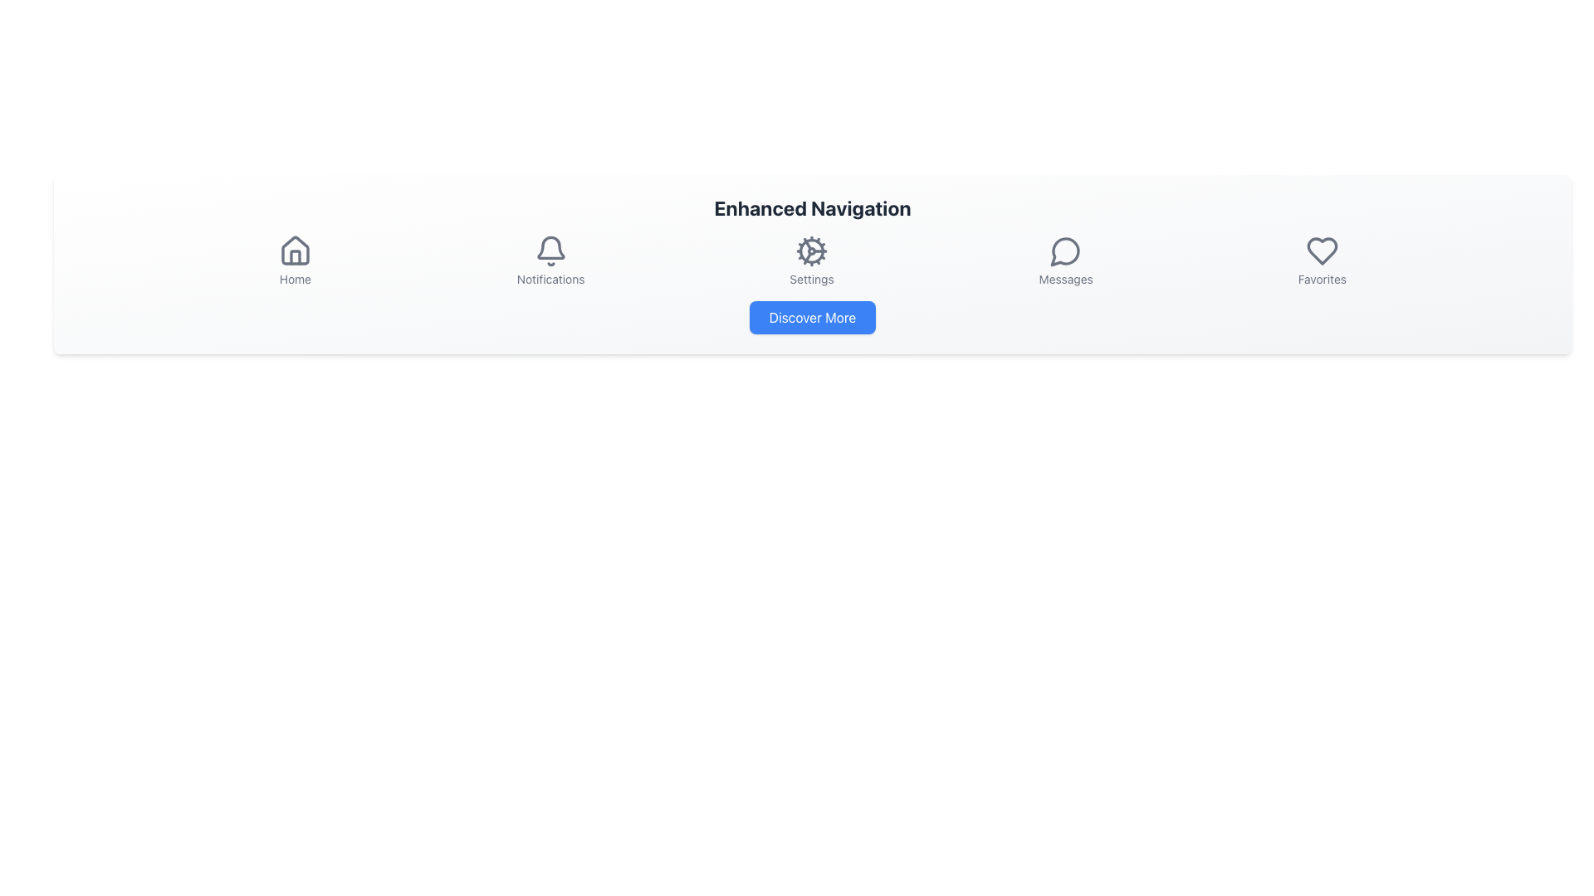 The height and width of the screenshot is (896, 1594). Describe the element at coordinates (550, 251) in the screenshot. I see `the notification bell icon located in the navigation bar, situated between the 'Home' and 'Settings' options, with the label 'Notifications' underneath` at that location.